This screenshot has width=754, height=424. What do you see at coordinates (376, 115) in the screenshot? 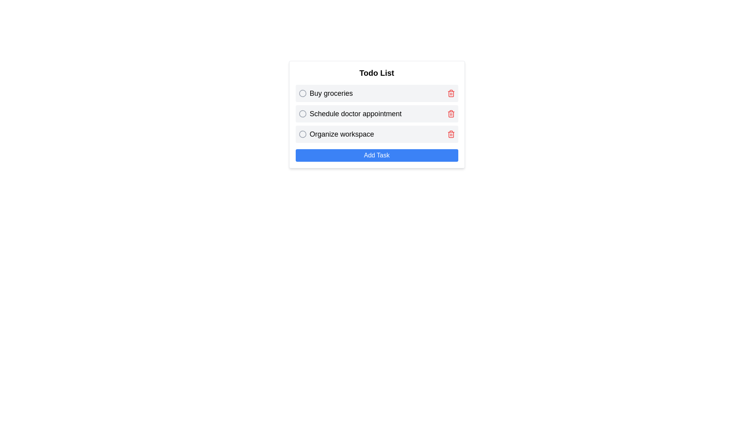
I see `the second task item in the todo list labeled 'Schedule doctor appointment'` at bounding box center [376, 115].